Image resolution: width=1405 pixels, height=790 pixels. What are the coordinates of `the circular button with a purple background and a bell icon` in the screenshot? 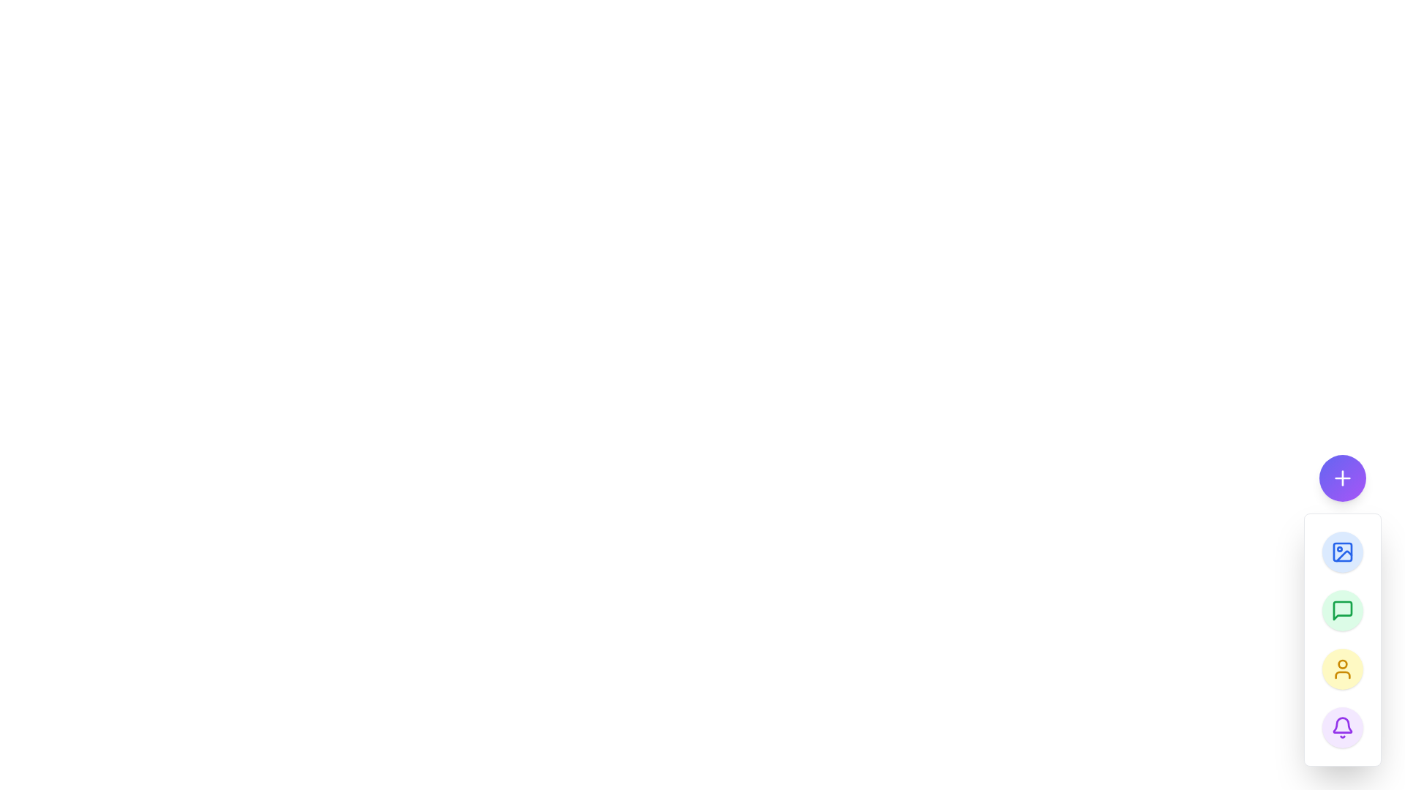 It's located at (1342, 728).